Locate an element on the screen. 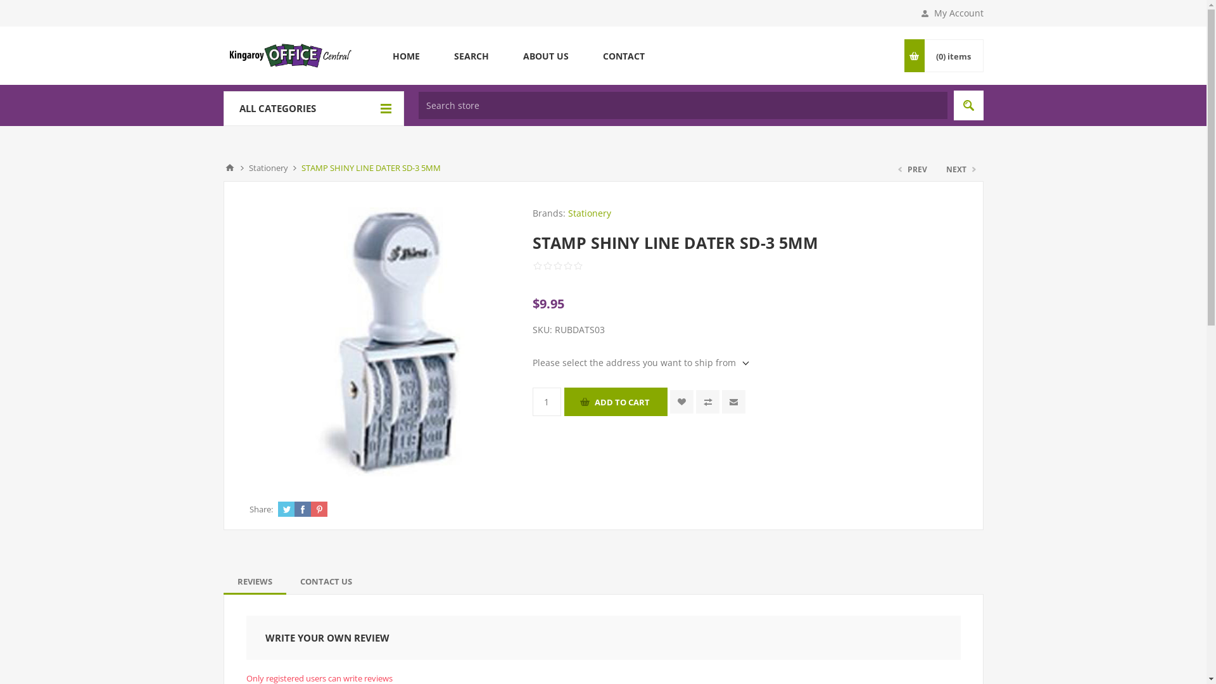  'SEARCH' is located at coordinates (471, 55).